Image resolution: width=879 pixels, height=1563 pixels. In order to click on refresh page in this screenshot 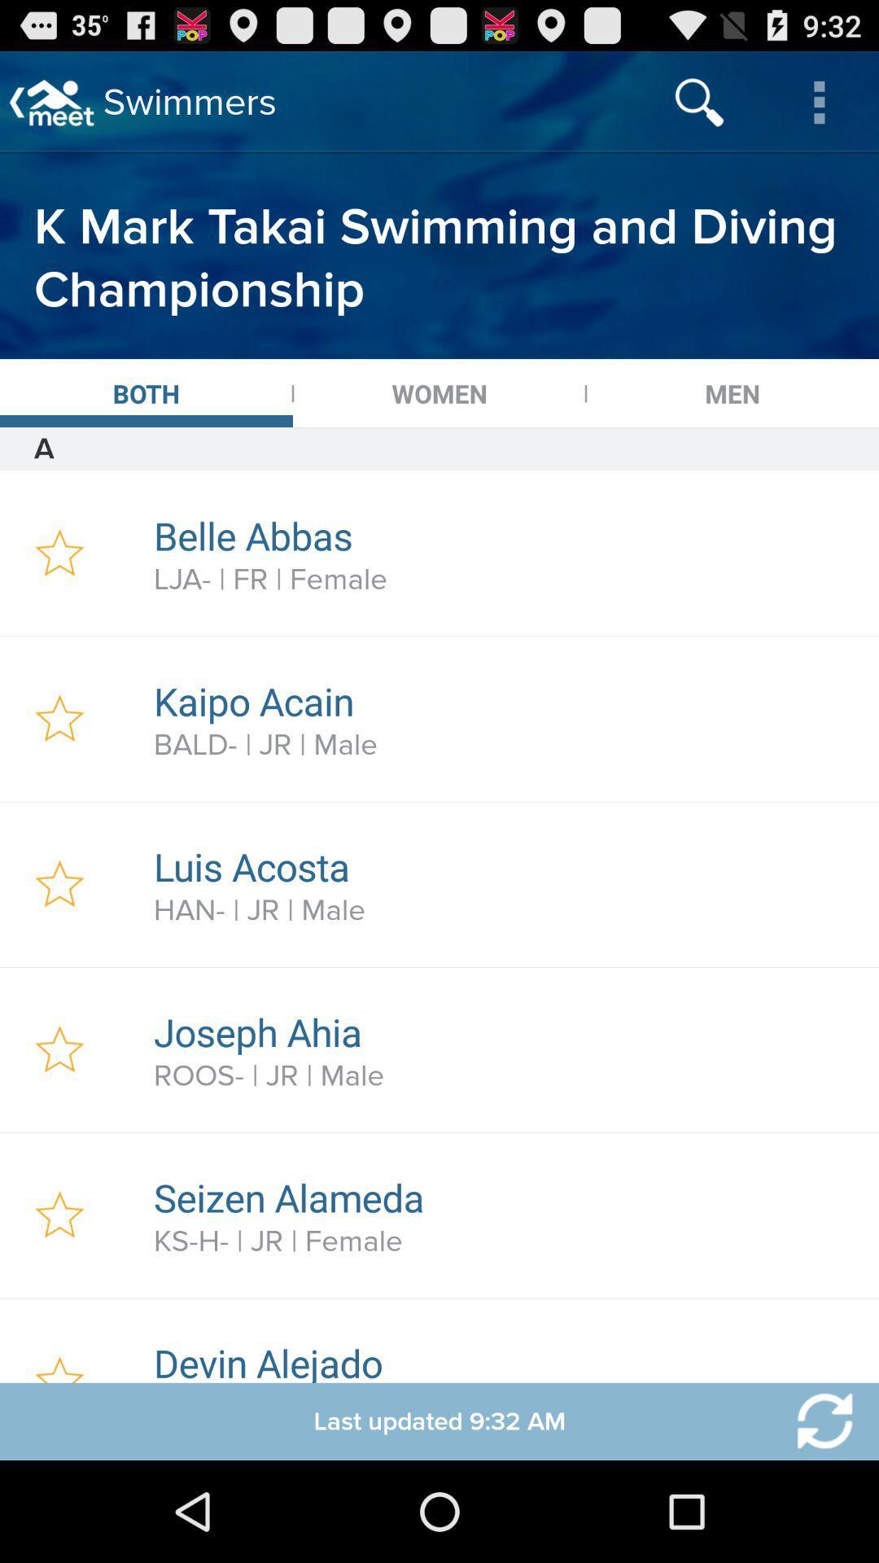, I will do `click(815, 1421)`.